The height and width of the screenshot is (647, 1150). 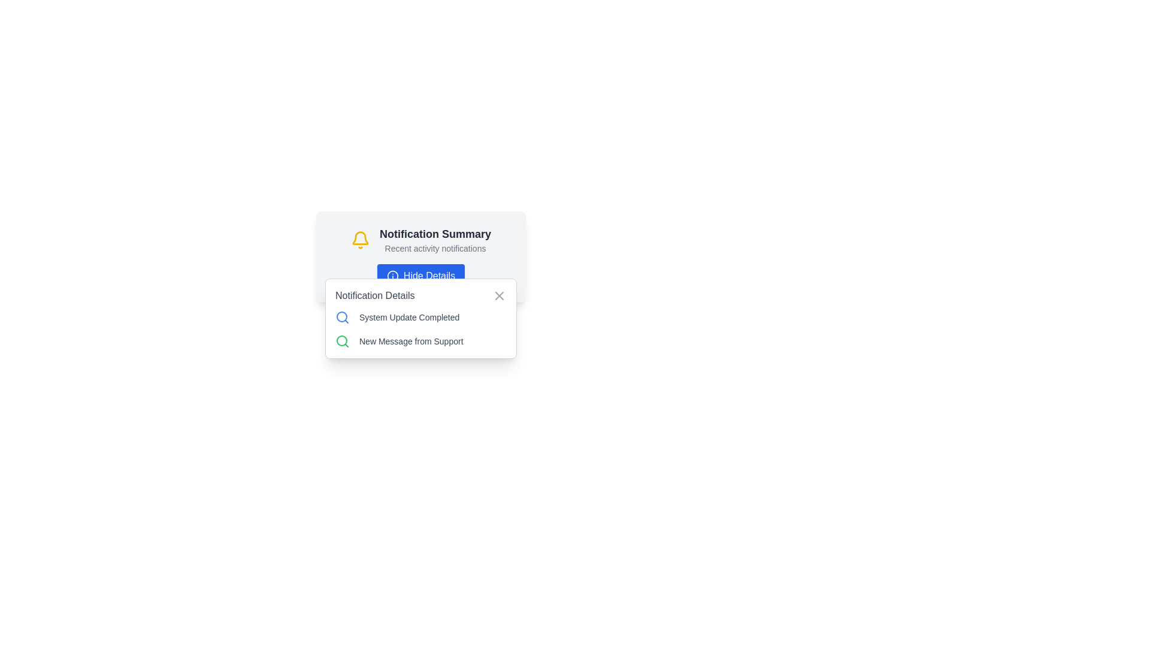 I want to click on the notification overview panel located at the top center of the notification interface, above the 'Notification Details' section, so click(x=420, y=256).